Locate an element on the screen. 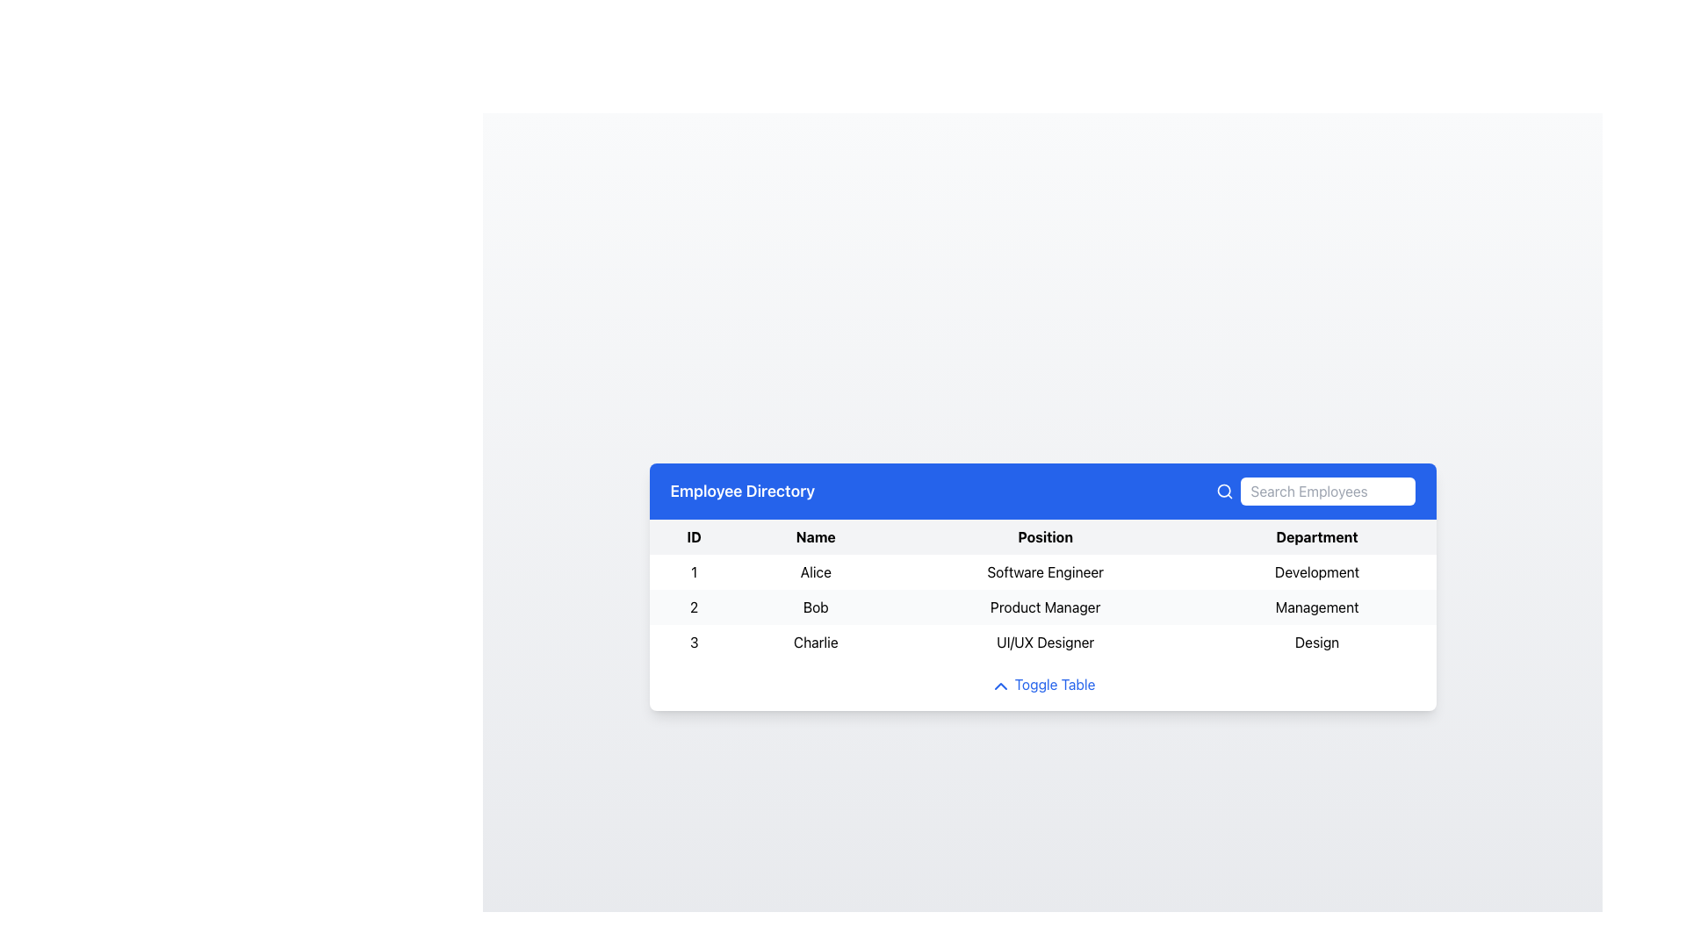 The image size is (1686, 948). the Interactive Link With Icon located at the bottom of the 'Employee Directory' section to underline the text is located at coordinates (1042, 684).